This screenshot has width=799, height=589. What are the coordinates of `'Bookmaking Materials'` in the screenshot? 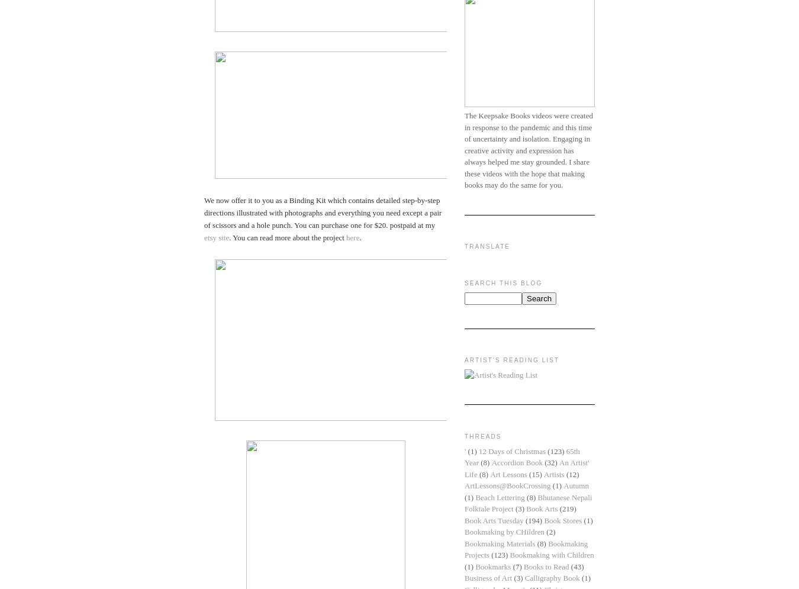 It's located at (464, 542).